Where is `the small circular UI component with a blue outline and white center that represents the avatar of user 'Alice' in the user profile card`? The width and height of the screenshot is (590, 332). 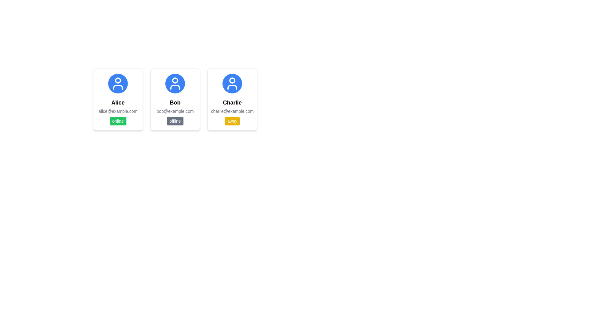 the small circular UI component with a blue outline and white center that represents the avatar of user 'Alice' in the user profile card is located at coordinates (118, 80).